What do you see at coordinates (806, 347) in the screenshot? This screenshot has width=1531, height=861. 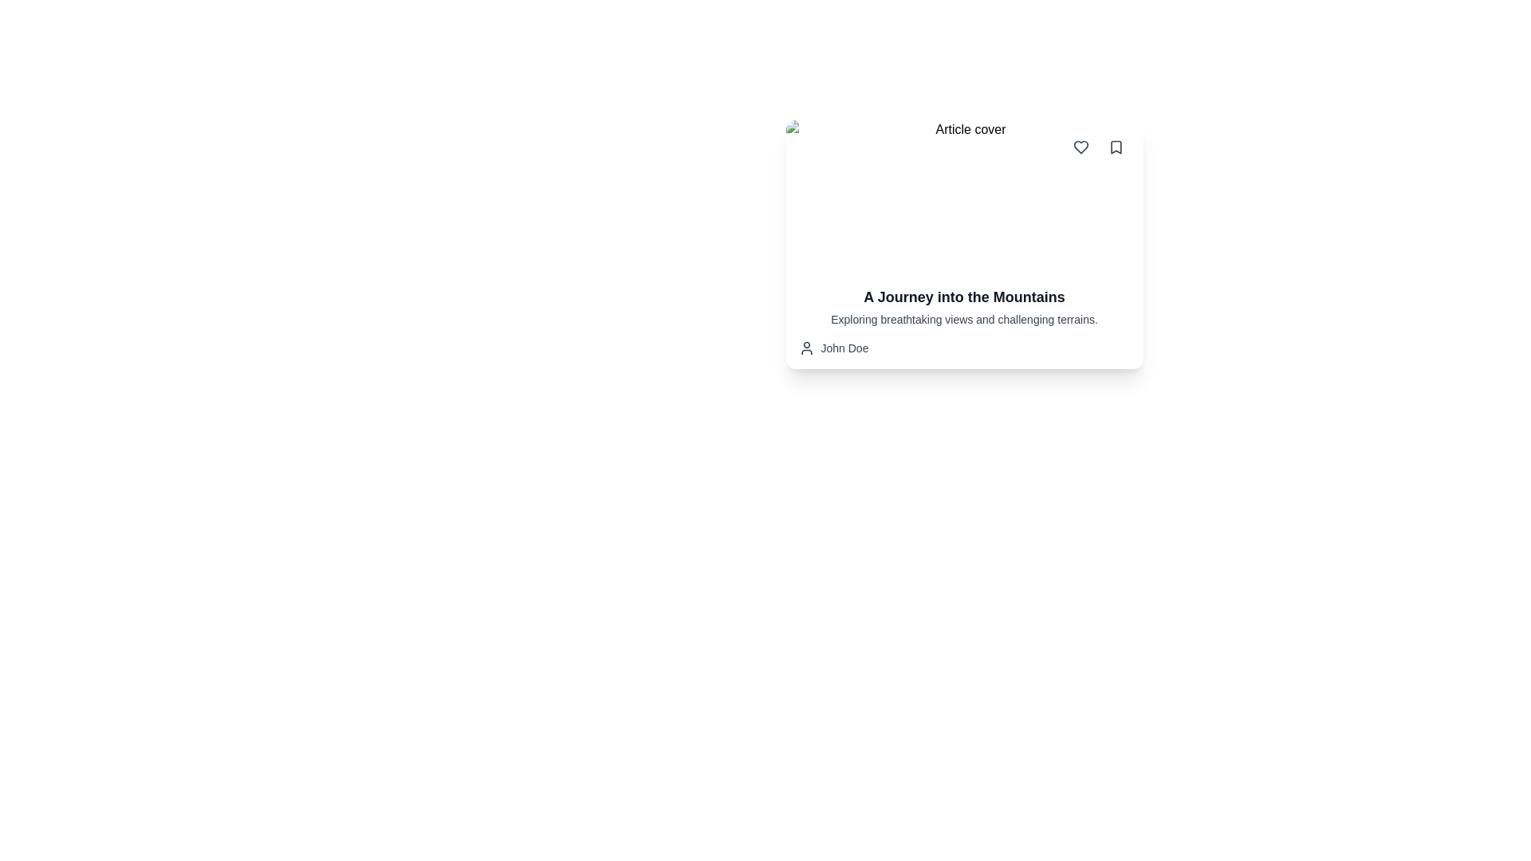 I see `the user silhouette icon, which is a minimalist outline design located near the name 'John Doe' at the bottom-left corner of the article details card` at bounding box center [806, 347].